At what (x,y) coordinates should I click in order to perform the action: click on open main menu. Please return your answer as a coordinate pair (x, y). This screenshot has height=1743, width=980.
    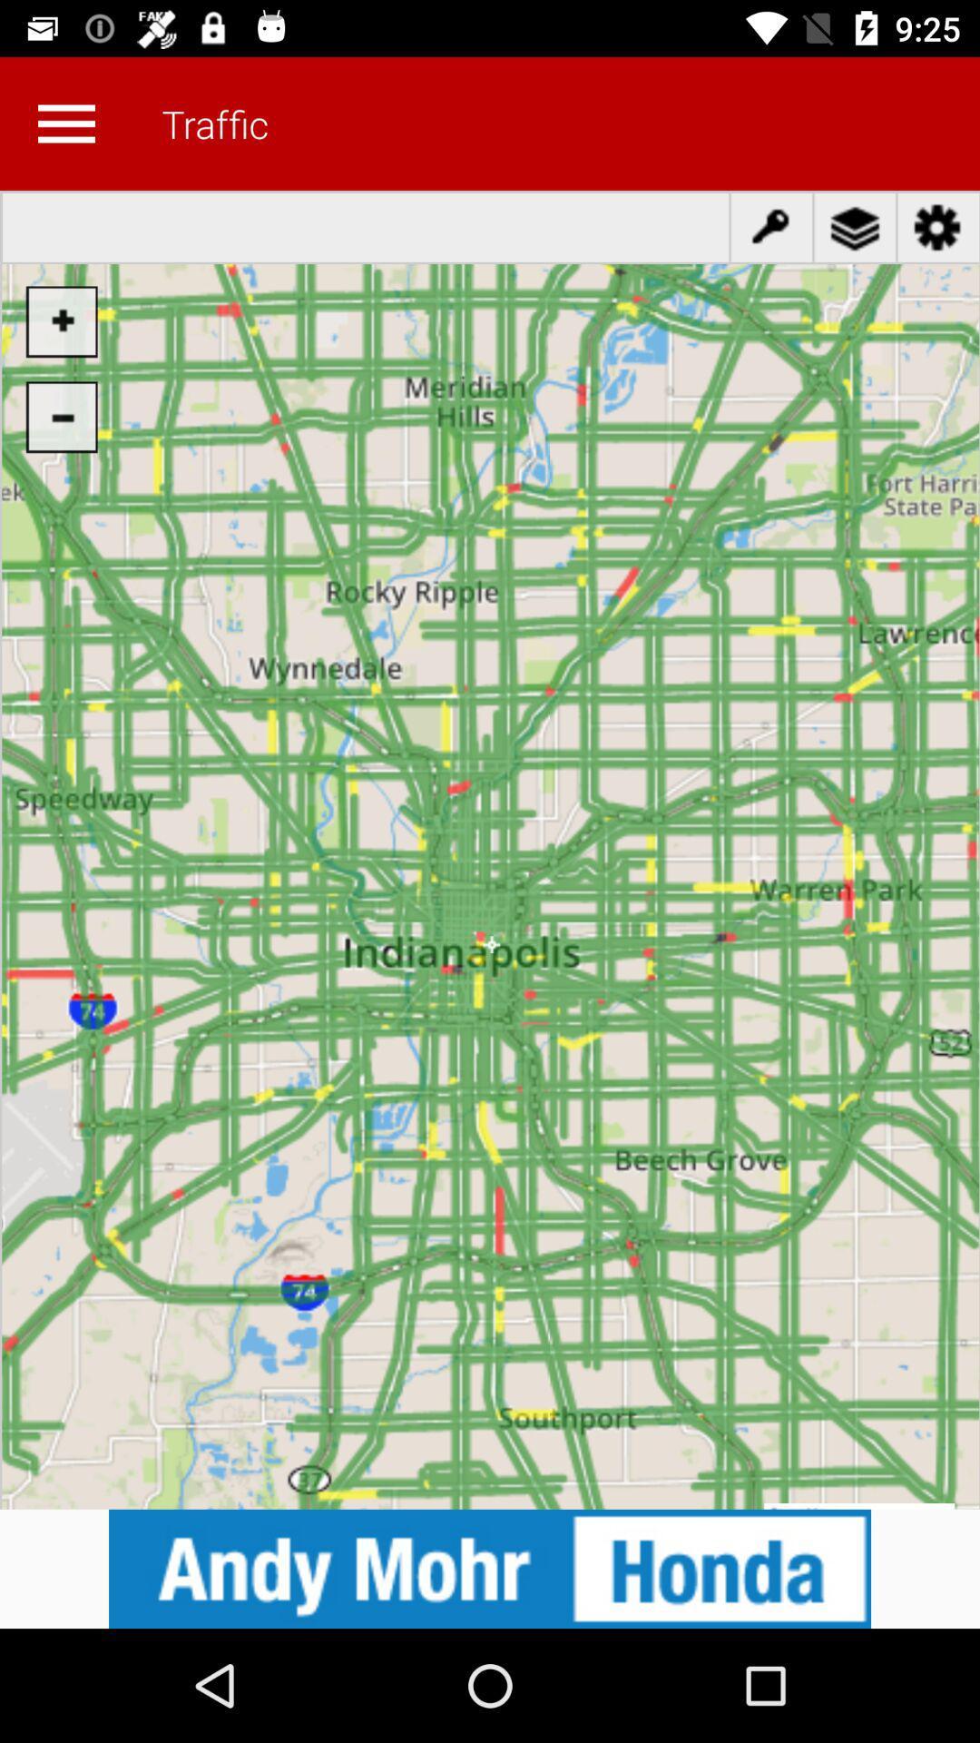
    Looking at the image, I should click on (65, 123).